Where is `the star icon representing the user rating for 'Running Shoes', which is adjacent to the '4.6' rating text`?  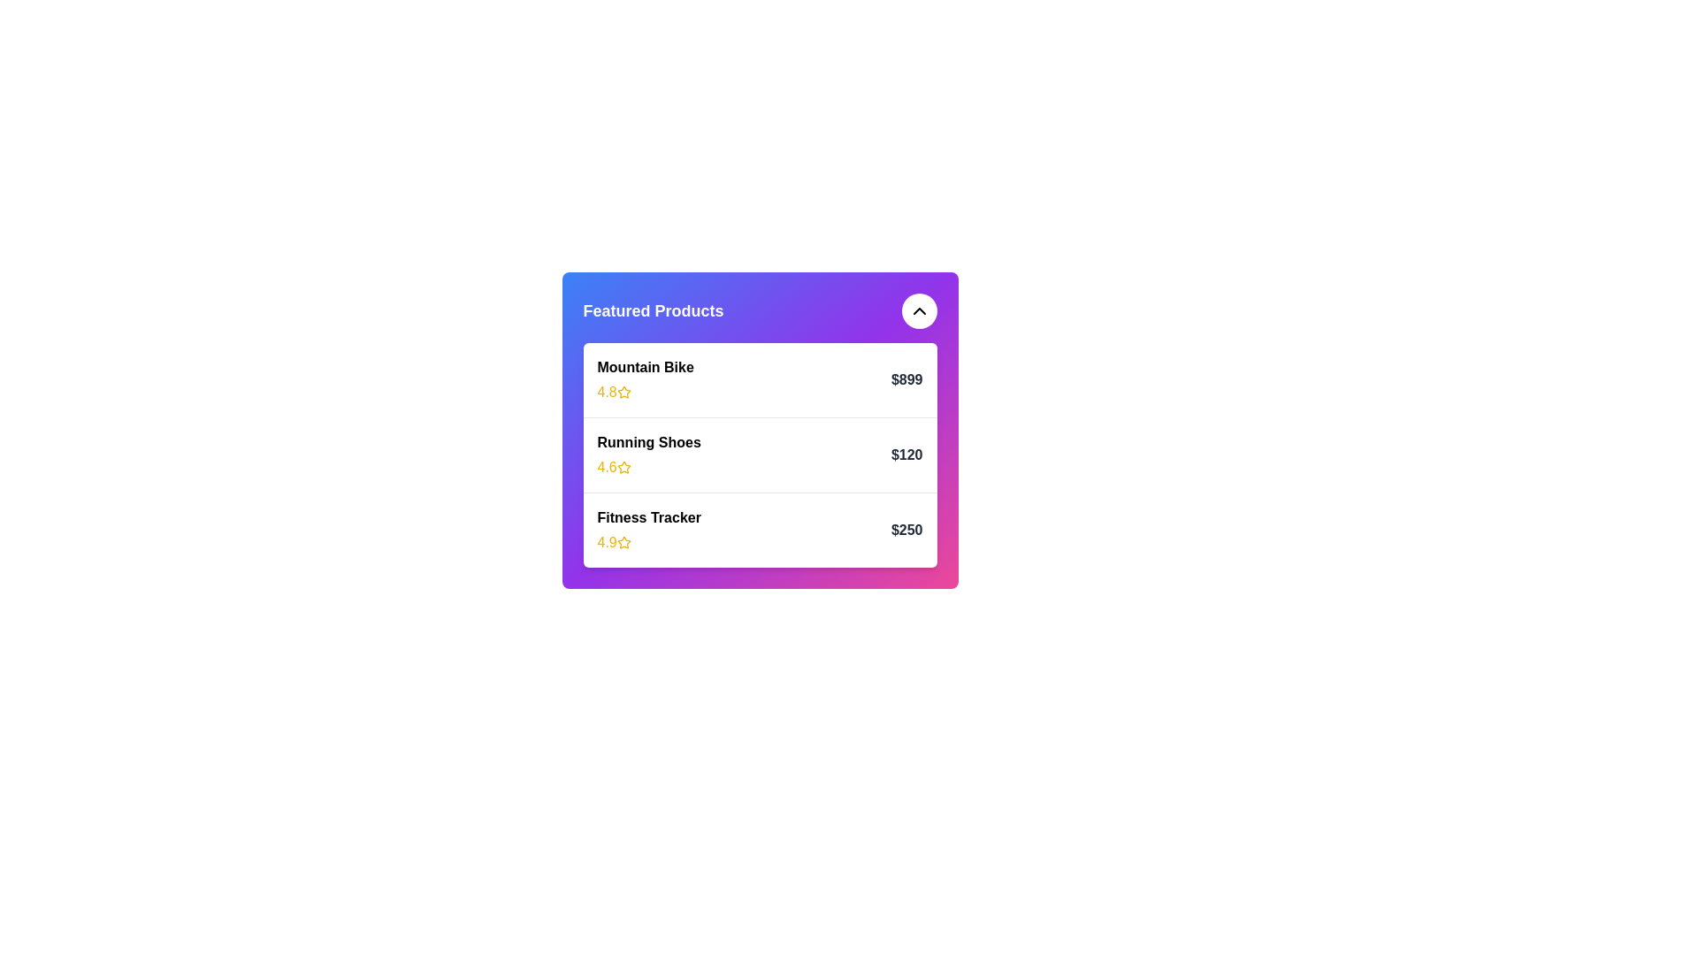 the star icon representing the user rating for 'Running Shoes', which is adjacent to the '4.6' rating text is located at coordinates (623, 466).